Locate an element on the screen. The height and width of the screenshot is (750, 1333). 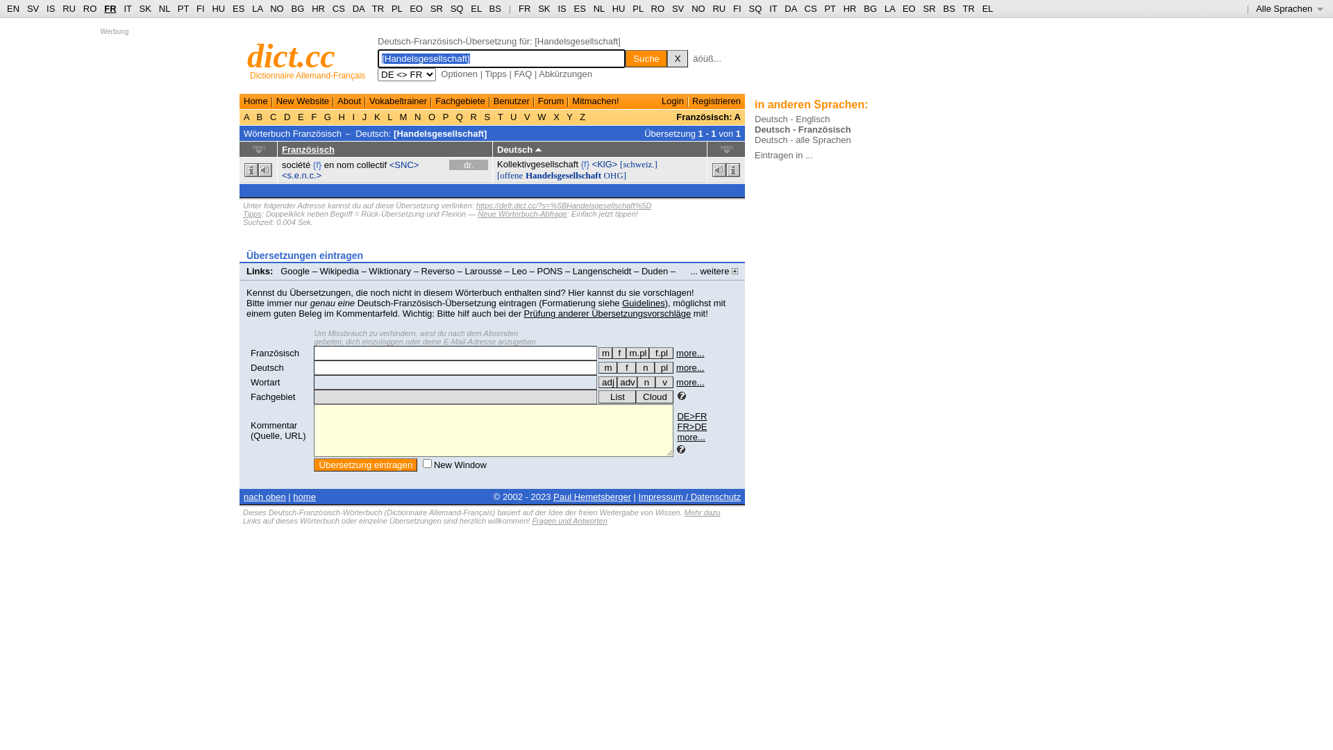
'Larousse' is located at coordinates (483, 271).